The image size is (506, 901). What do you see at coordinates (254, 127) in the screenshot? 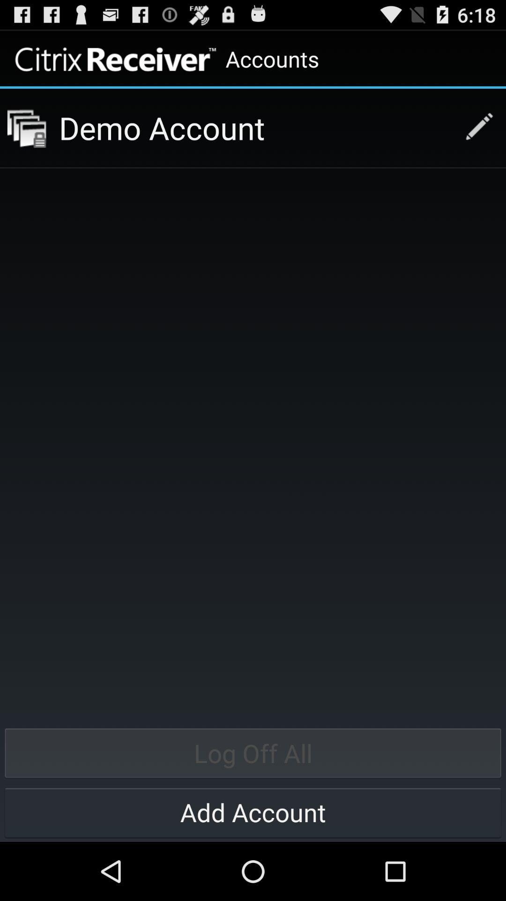
I see `demo account` at bounding box center [254, 127].